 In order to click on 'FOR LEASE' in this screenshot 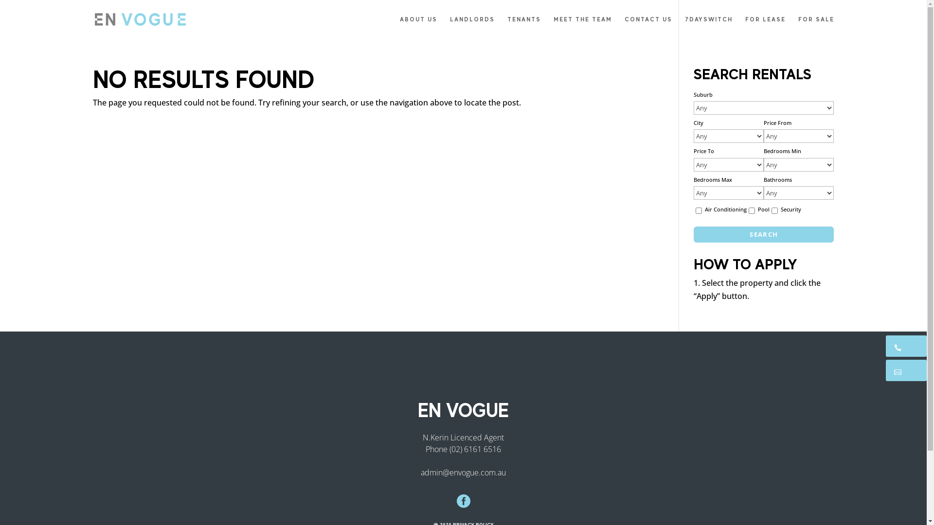, I will do `click(765, 27)`.